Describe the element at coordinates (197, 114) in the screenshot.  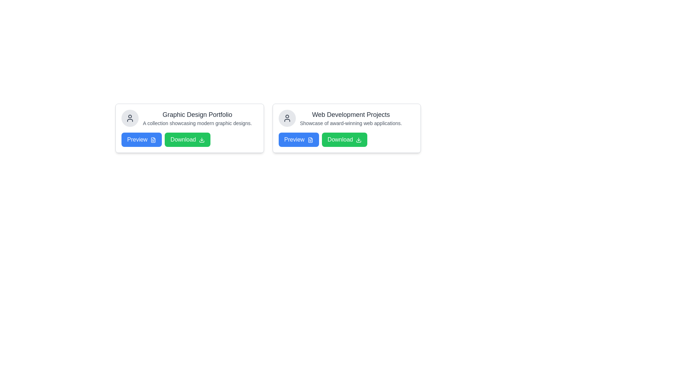
I see `the headline text element displaying 'Graphic Design Portfolio' which is styled in bold, medium-large dark gray font, located at the center-top of the left card layout` at that location.